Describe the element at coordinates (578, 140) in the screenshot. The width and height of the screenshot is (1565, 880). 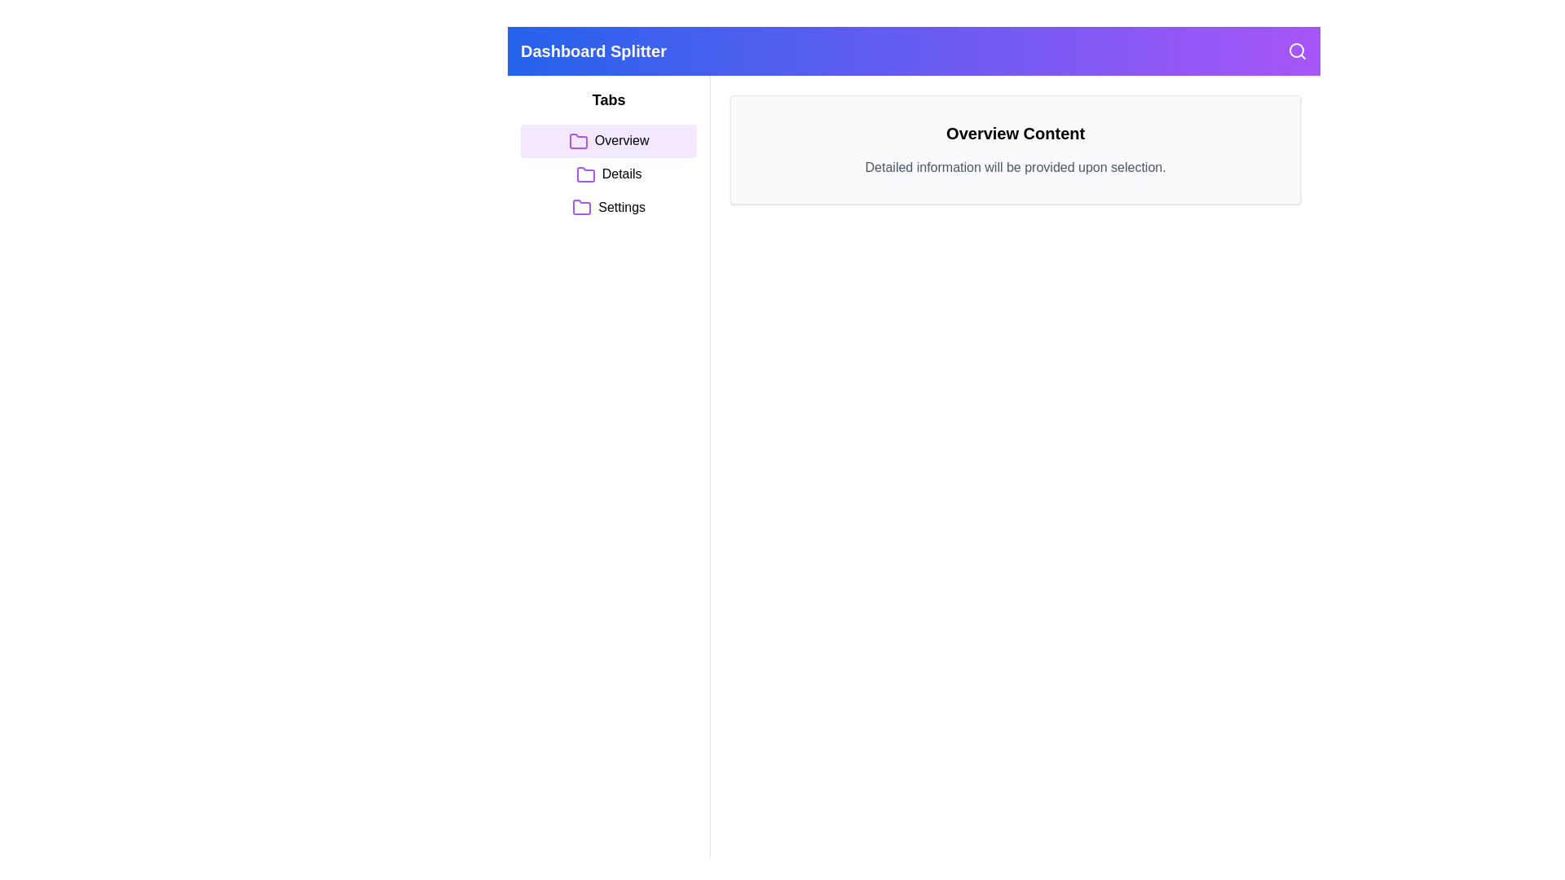
I see `the 'Overview' vector graphic icon in the sidebar menu` at that location.